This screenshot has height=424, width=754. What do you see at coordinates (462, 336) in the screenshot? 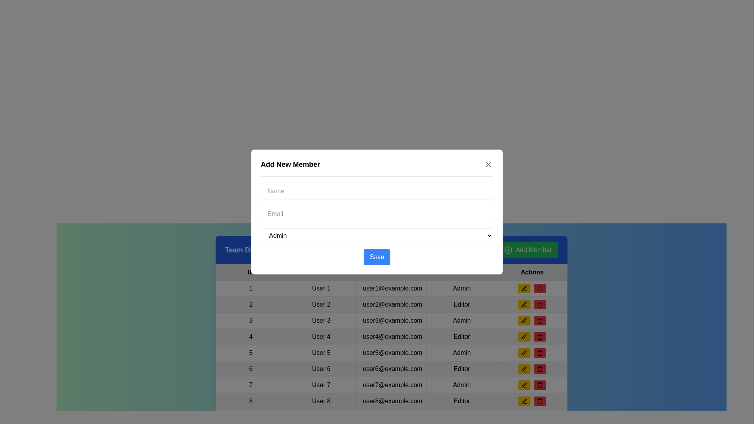
I see `the text label indicating the user's role ('Editor') in the fourth row of the table, which is located directly to the right of the email address ('user4@example.com')` at bounding box center [462, 336].